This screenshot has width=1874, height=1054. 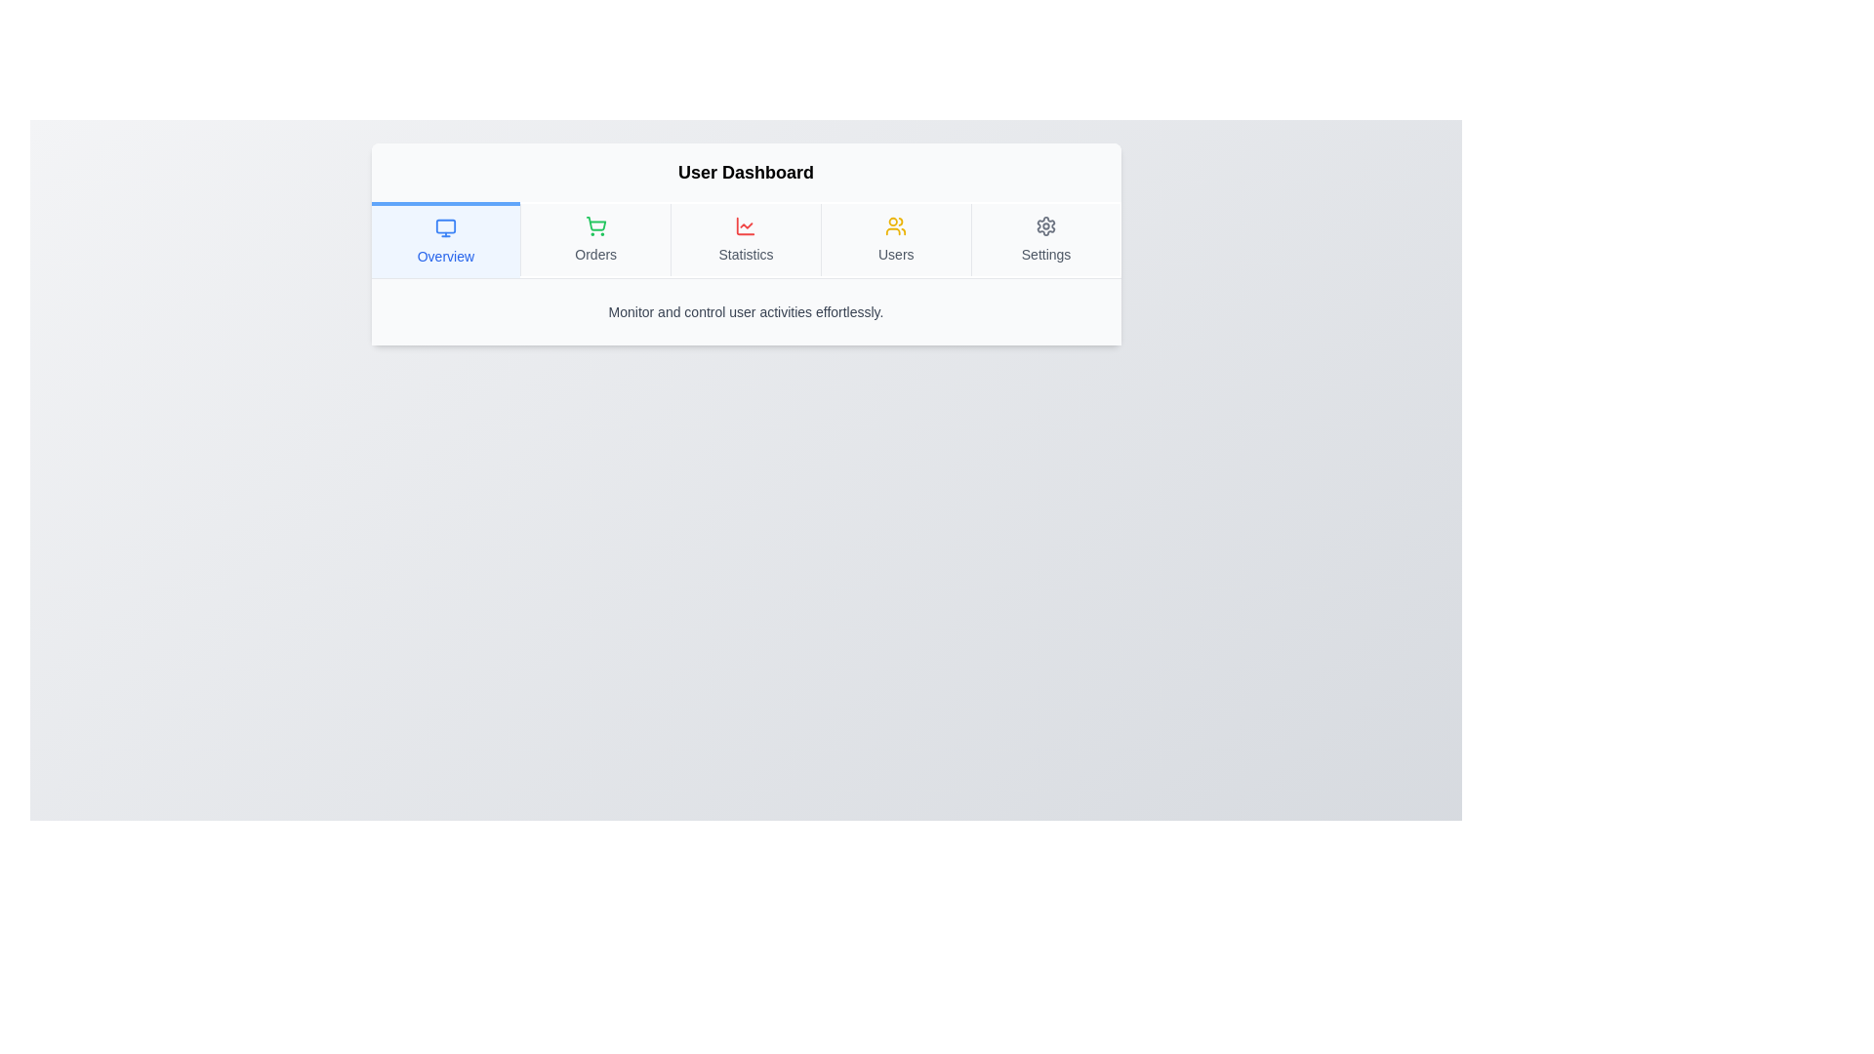 I want to click on the Navigation button located between the 'Overview' button and the 'Statistics' button, so click(x=594, y=239).